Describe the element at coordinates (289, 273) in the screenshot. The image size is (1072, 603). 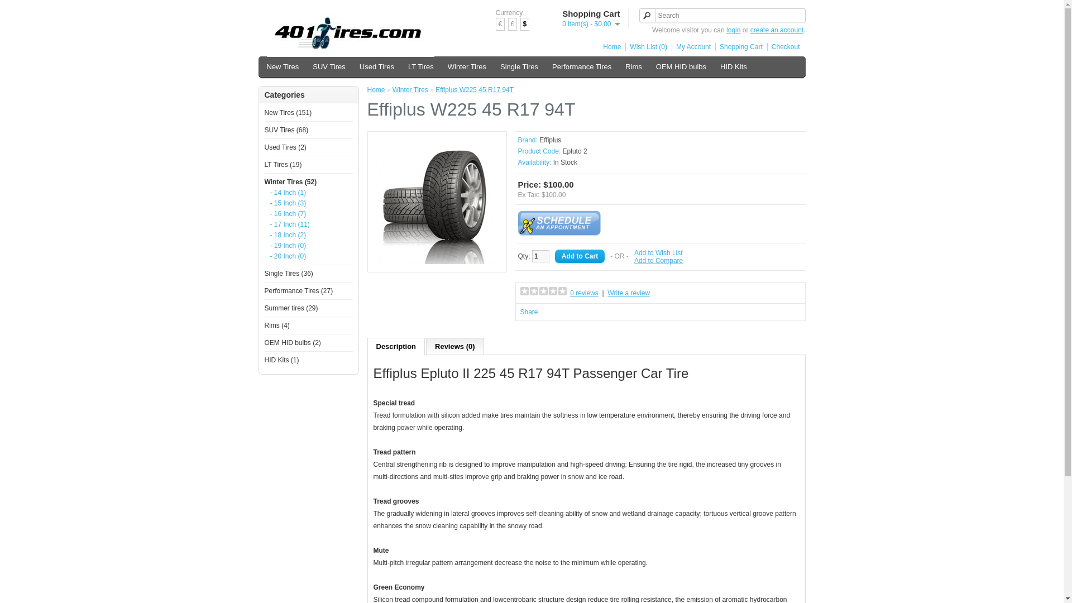
I see `'Single Tires (36)'` at that location.